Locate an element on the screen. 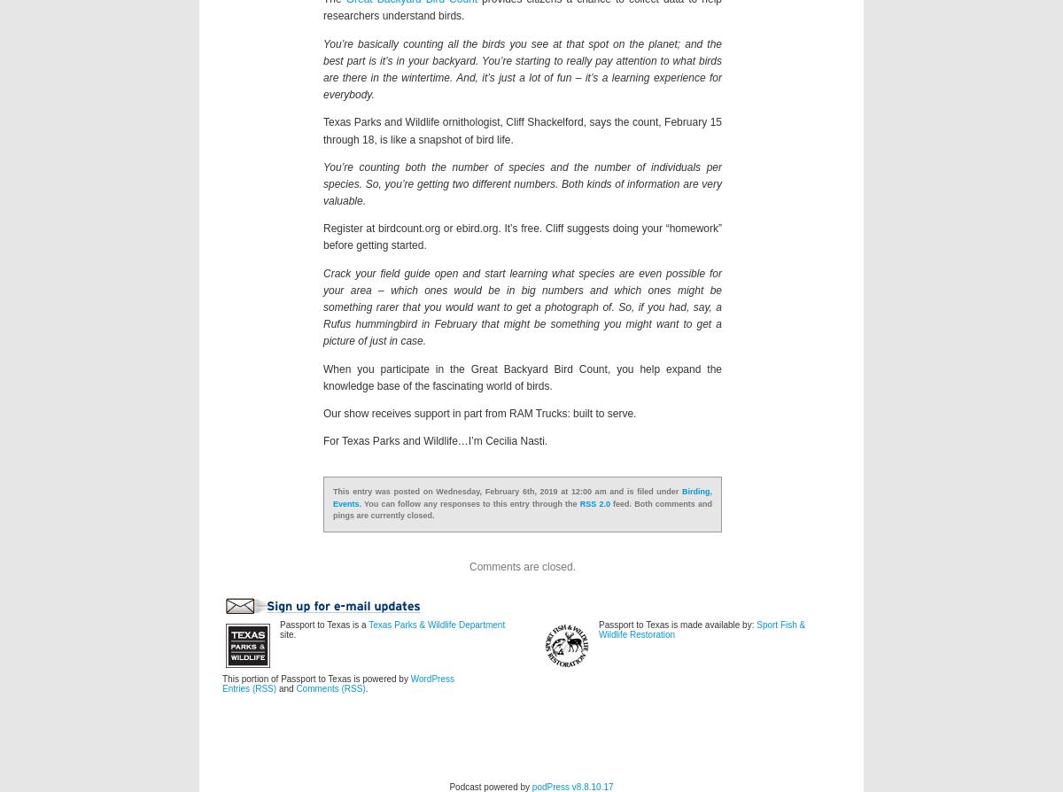 The width and height of the screenshot is (1063, 792). 'podPress v8.8.10.17' is located at coordinates (571, 786).